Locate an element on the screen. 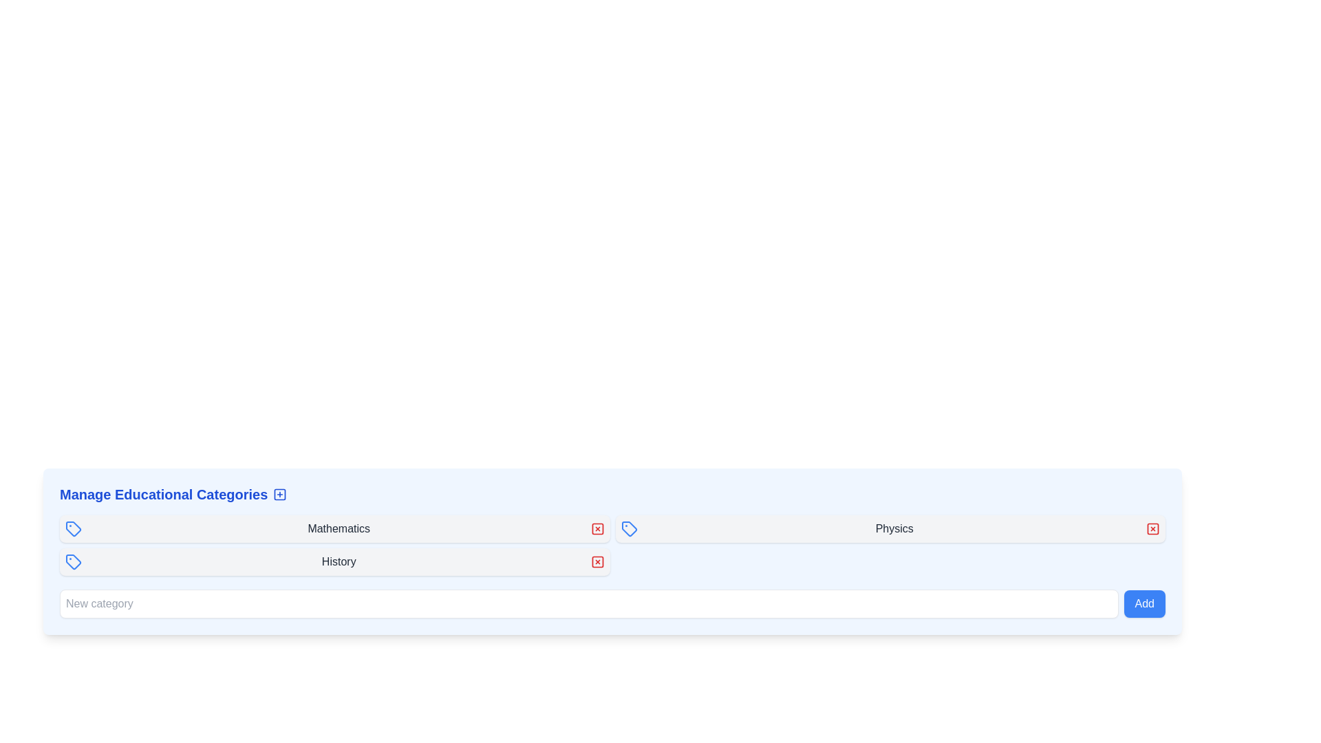  the decorative element within the delete button located at the far right of the 'Physics' row in the category list, which visually signifies the action of deletion is located at coordinates (1152, 528).